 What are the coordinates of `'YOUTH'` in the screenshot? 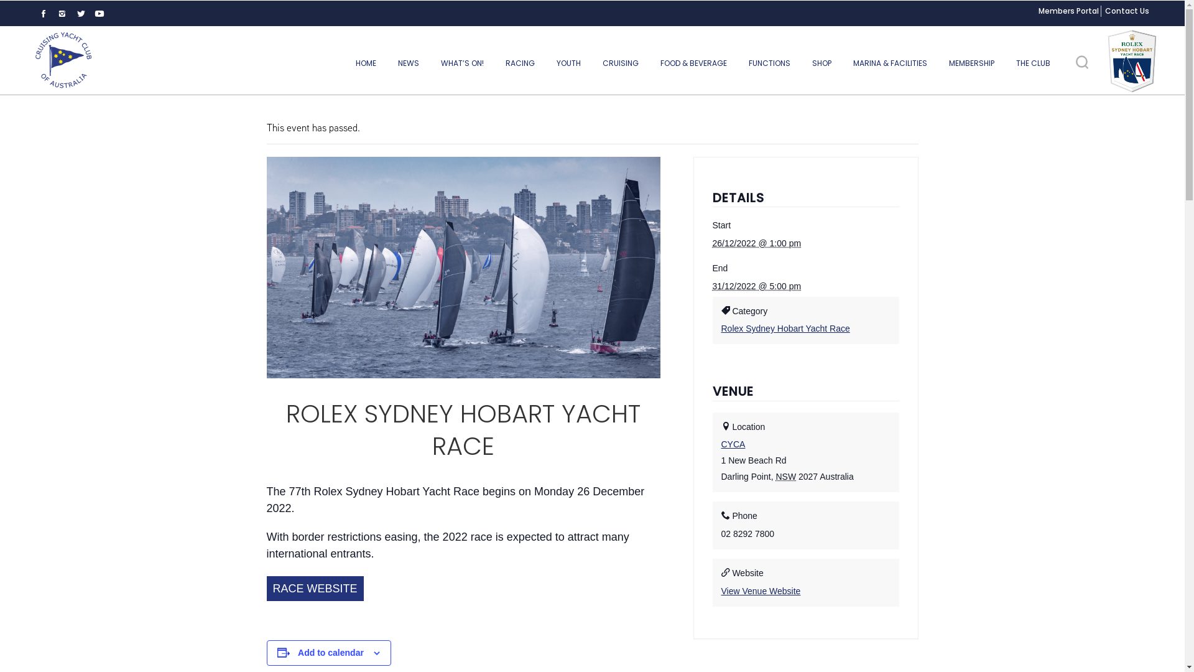 It's located at (568, 63).